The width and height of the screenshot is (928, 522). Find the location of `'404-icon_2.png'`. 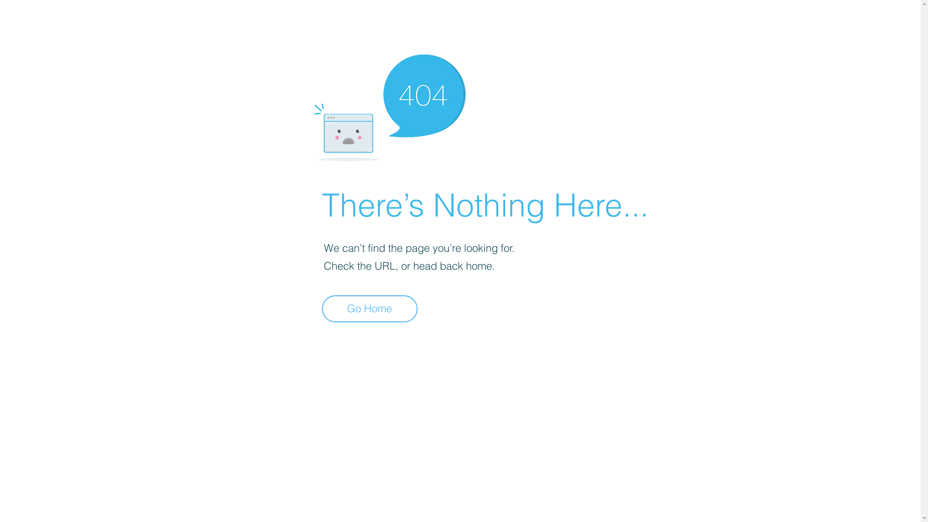

'404-icon_2.png' is located at coordinates (389, 105).